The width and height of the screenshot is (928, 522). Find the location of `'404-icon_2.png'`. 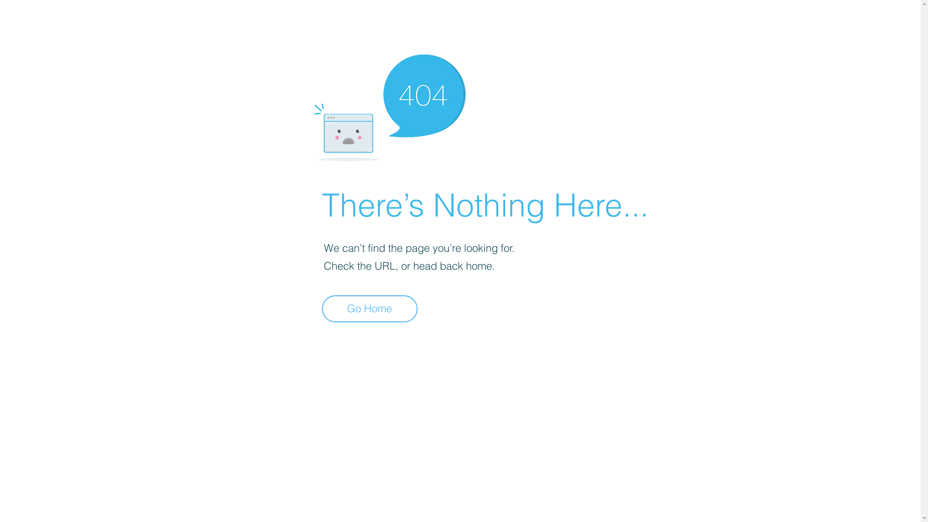

'404-icon_2.png' is located at coordinates (389, 105).